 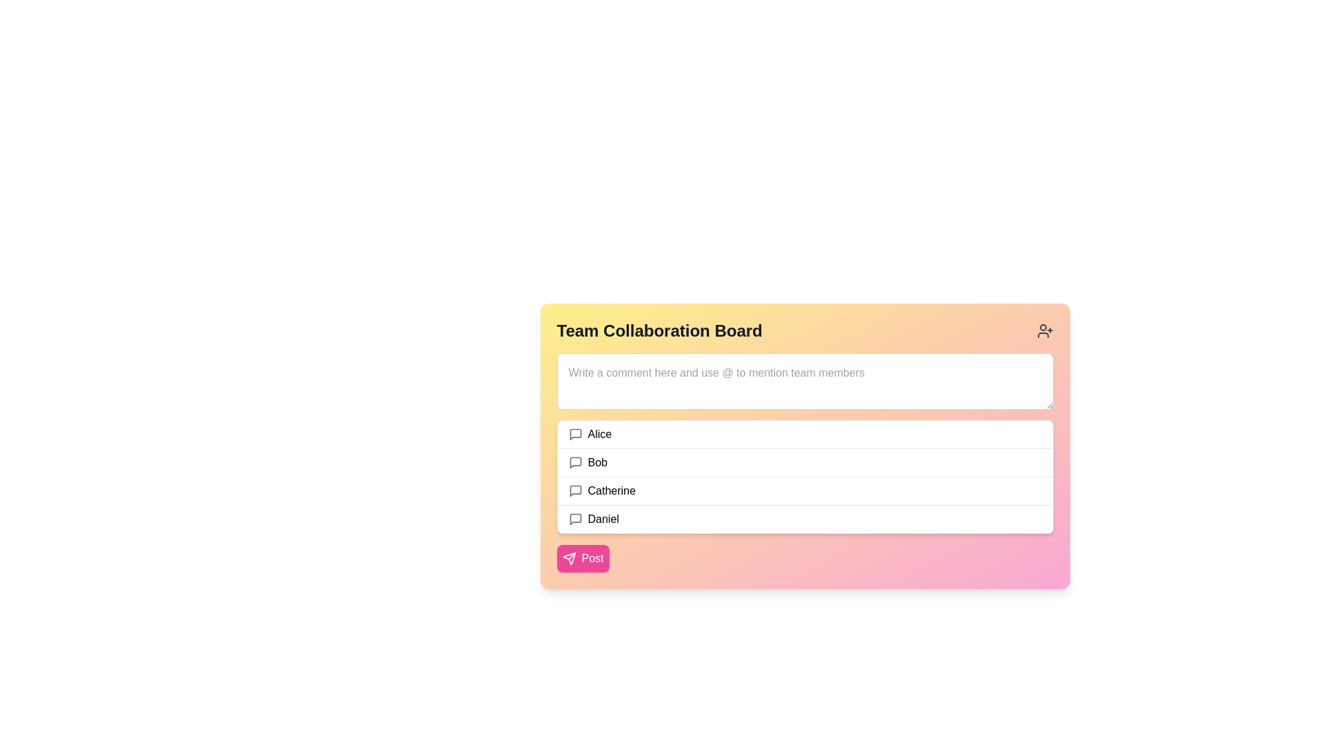 I want to click on the 'Post' button containing the arrow-like icon, so click(x=569, y=559).